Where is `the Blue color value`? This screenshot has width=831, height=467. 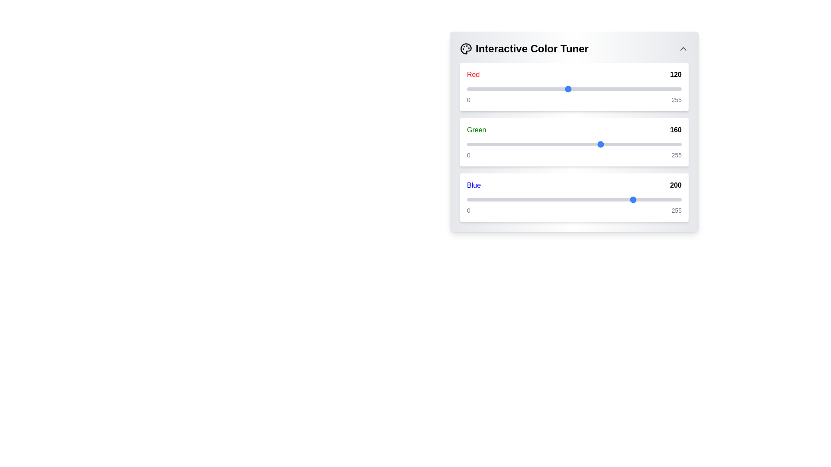 the Blue color value is located at coordinates (586, 200).